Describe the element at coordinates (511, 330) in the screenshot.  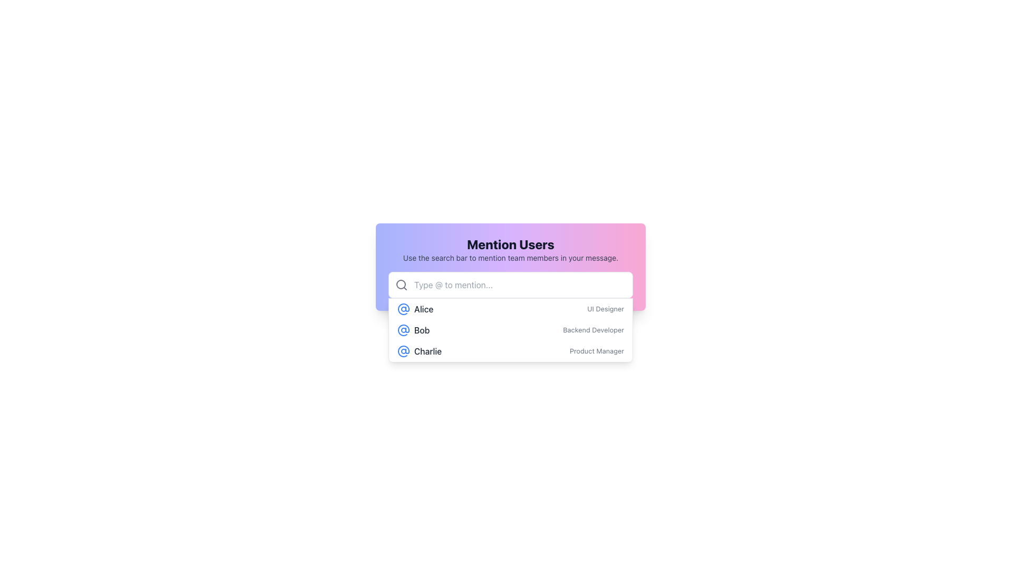
I see `the interactive list item for 'Bob', the Backend Developer` at that location.